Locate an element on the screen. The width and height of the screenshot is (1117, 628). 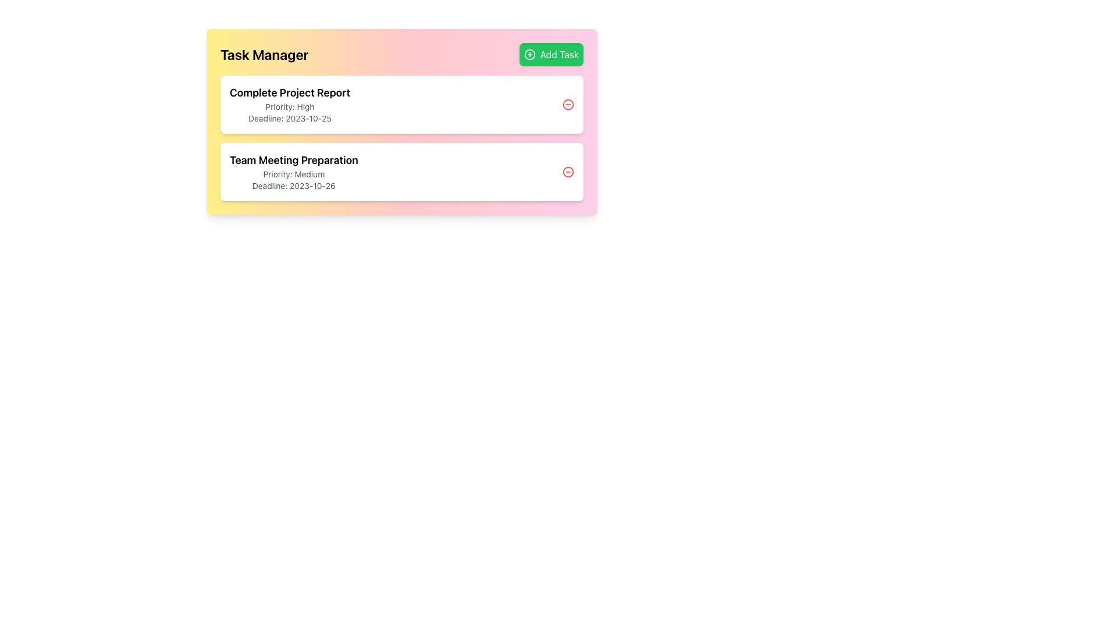
the deletion button for the task 'Team Meeting Preparation' is located at coordinates (568, 172).